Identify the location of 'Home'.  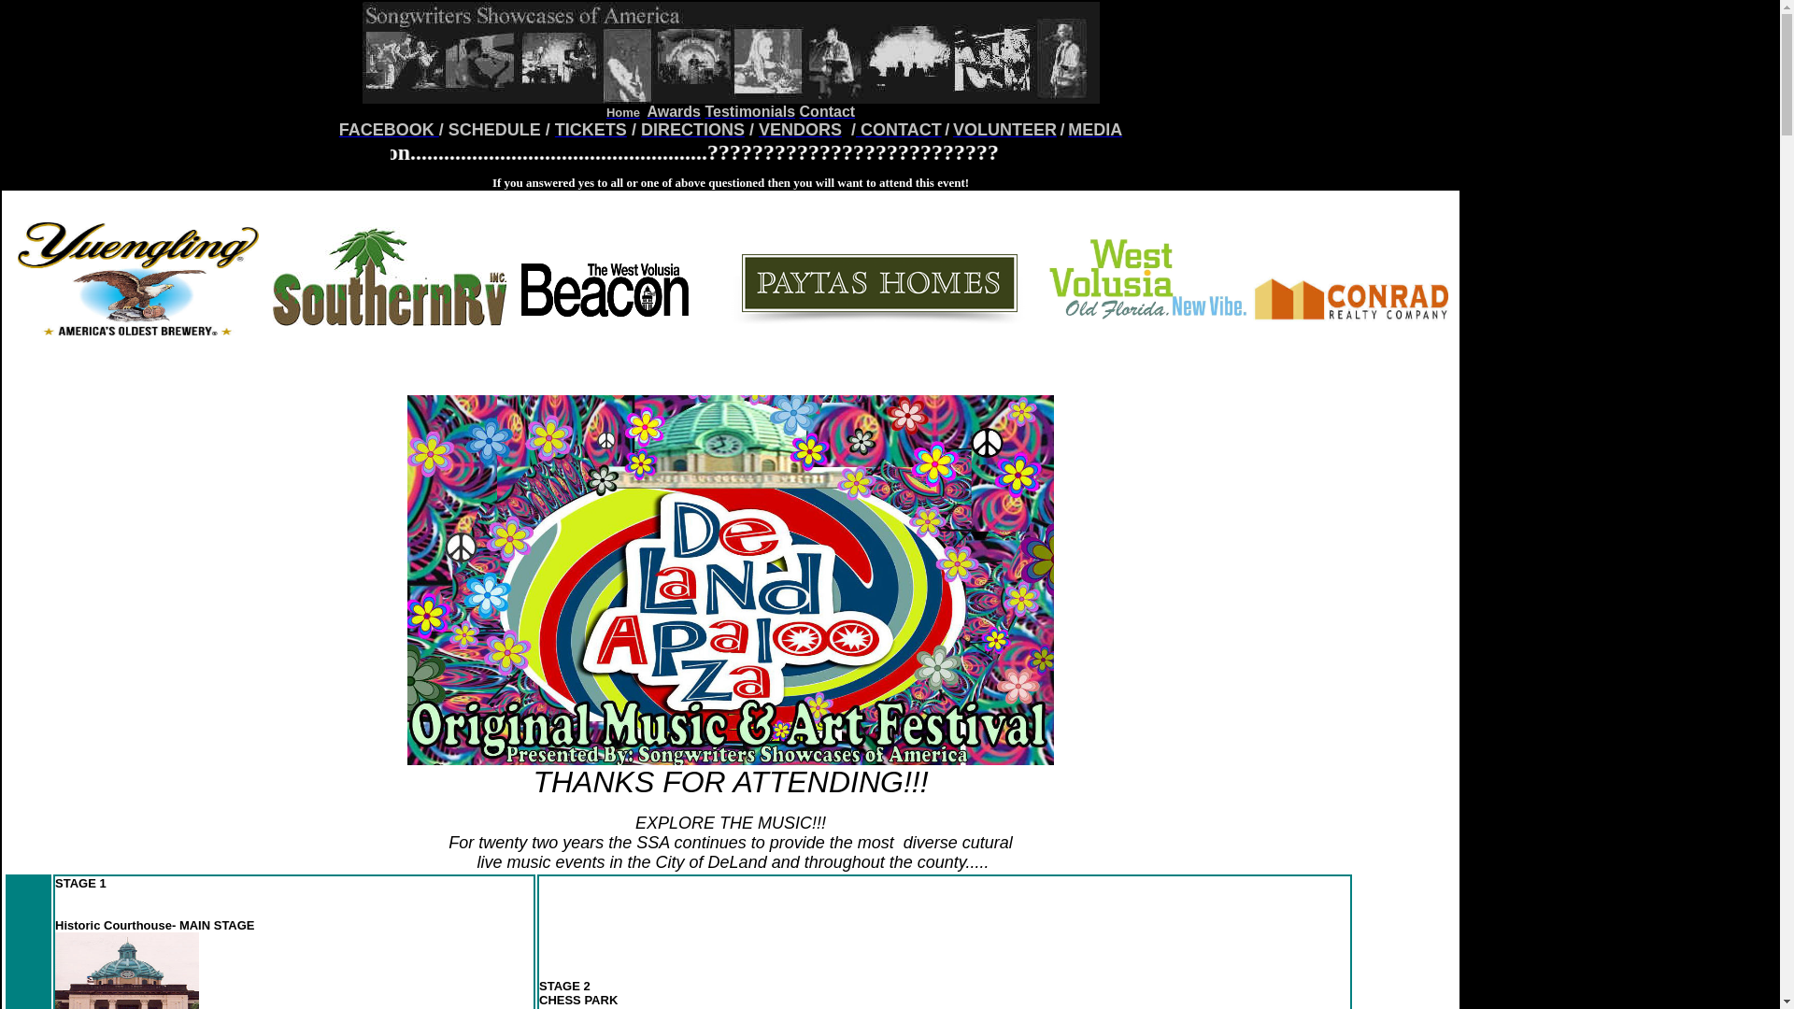
(623, 112).